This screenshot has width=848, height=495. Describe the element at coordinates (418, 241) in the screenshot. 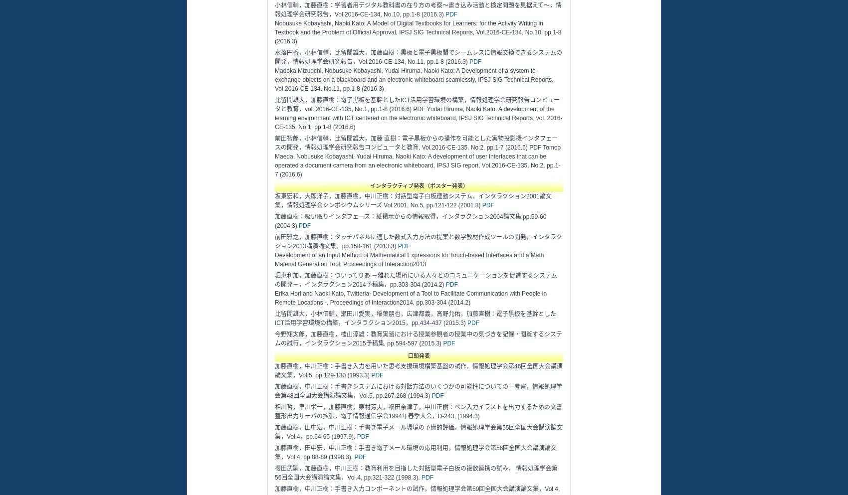

I see `'前田雅之，加藤直樹：タッチパネルに適した数式入力方法の提案と数学教材作成ツールの開発，インタラクション2013講演論文集，pp.158-161 (2013.3)'` at that location.